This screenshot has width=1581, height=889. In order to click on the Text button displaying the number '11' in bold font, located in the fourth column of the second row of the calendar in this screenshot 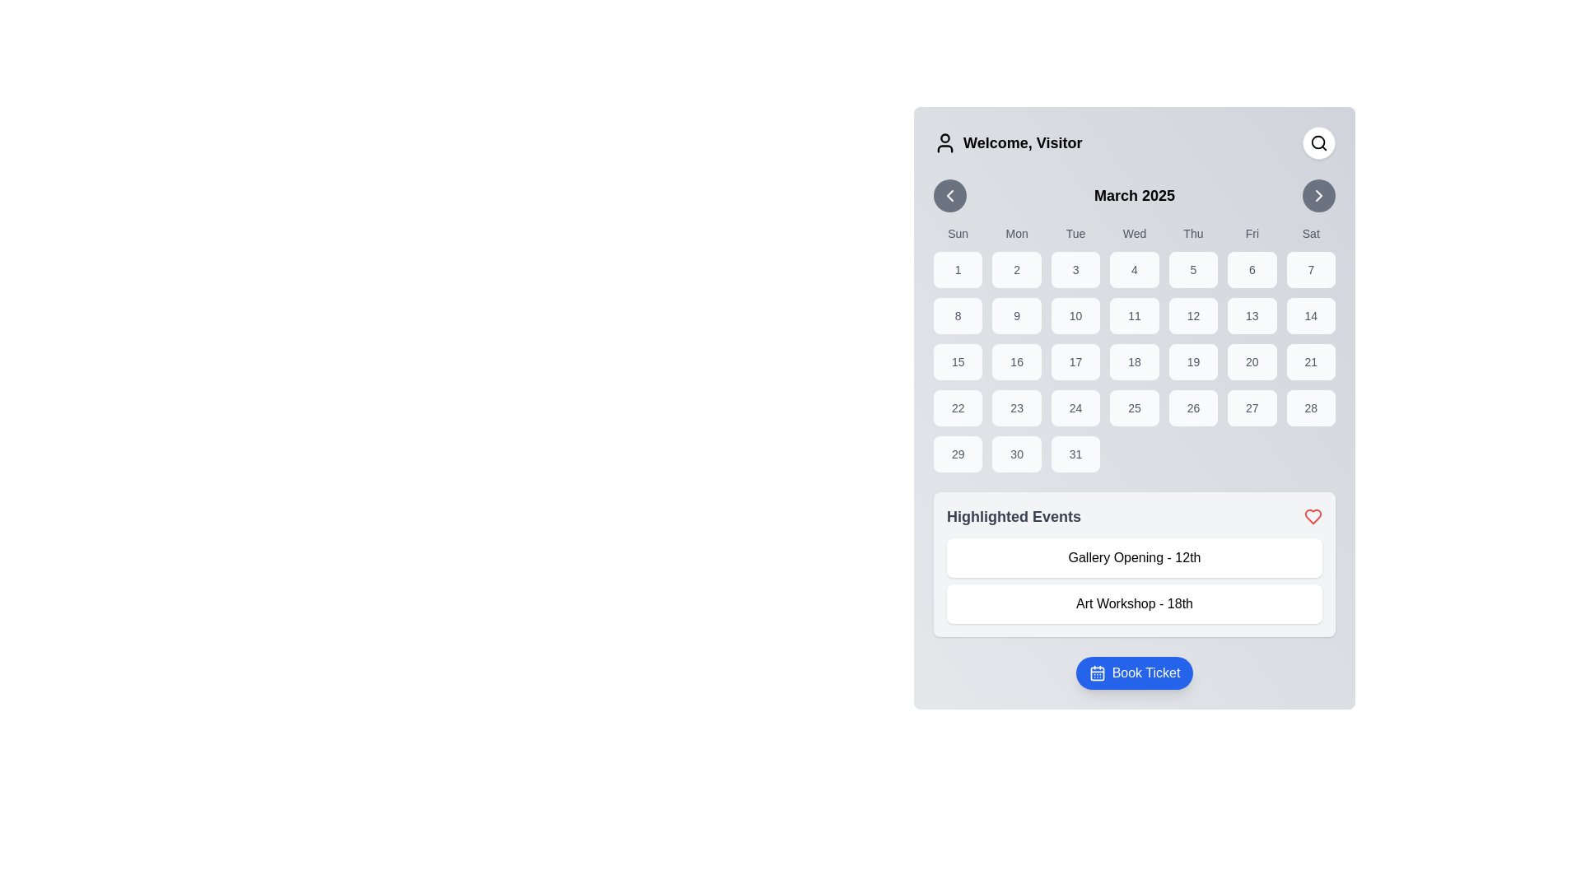, I will do `click(1133, 316)`.